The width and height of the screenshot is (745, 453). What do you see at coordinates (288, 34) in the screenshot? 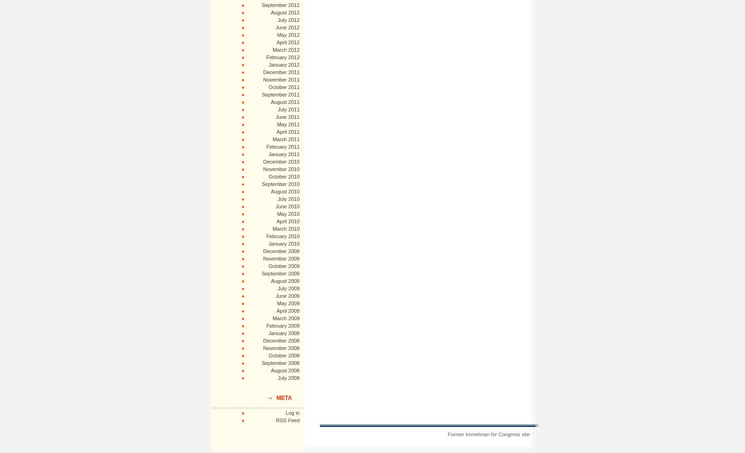
I see `'May 2012'` at bounding box center [288, 34].